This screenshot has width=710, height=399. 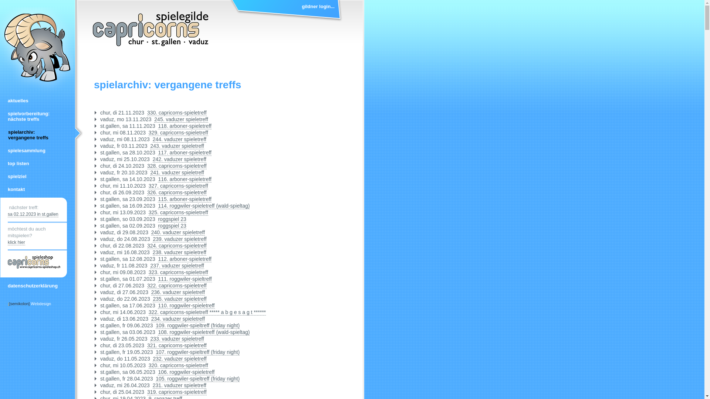 I want to click on '326. capricorns-spieletreff', so click(x=147, y=192).